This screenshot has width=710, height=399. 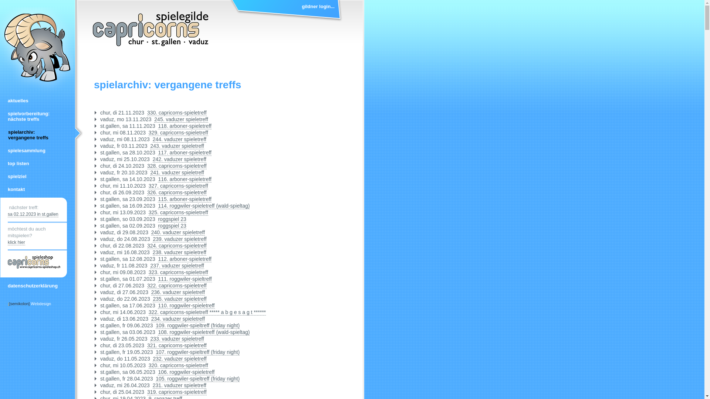 I want to click on '326. capricorns-spieletreff', so click(x=147, y=192).